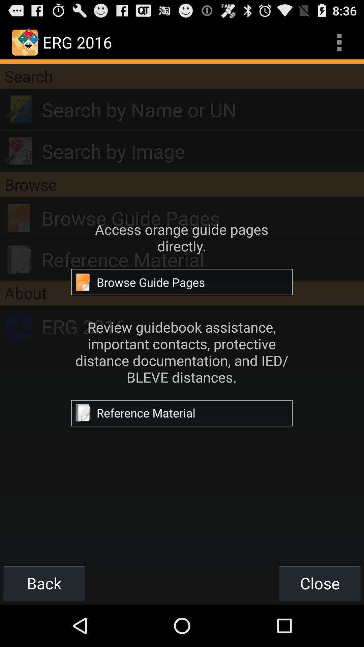 Image resolution: width=364 pixels, height=647 pixels. Describe the element at coordinates (182, 293) in the screenshot. I see `the about icon` at that location.